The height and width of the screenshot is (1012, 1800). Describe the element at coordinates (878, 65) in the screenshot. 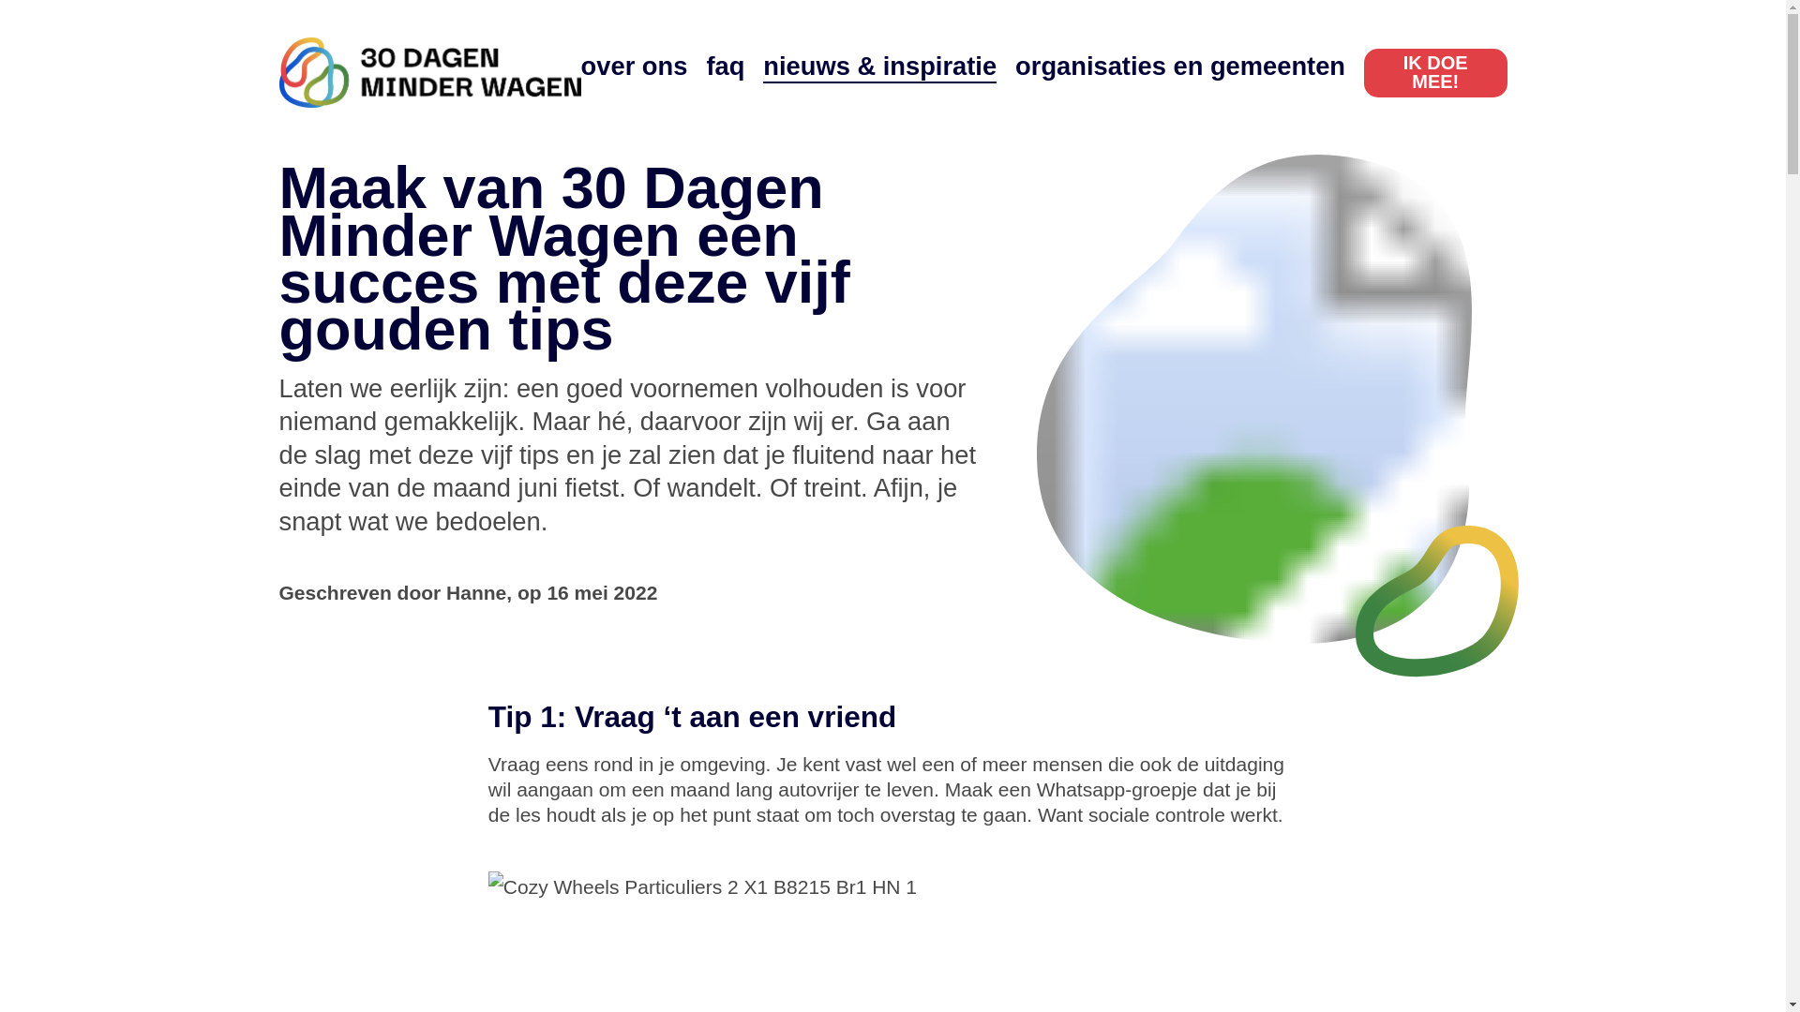

I see `'nieuws & inspiratie'` at that location.